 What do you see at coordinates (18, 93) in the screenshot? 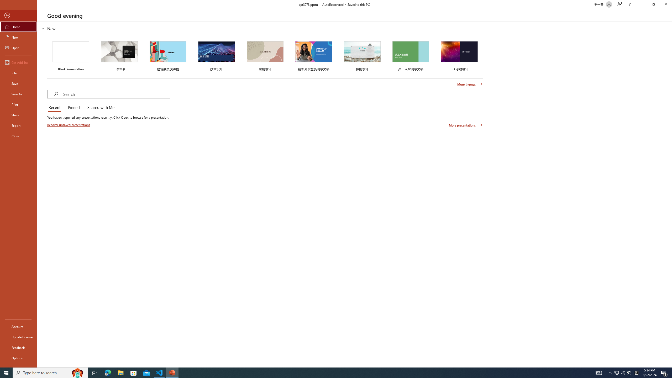
I see `'Save As'` at bounding box center [18, 93].